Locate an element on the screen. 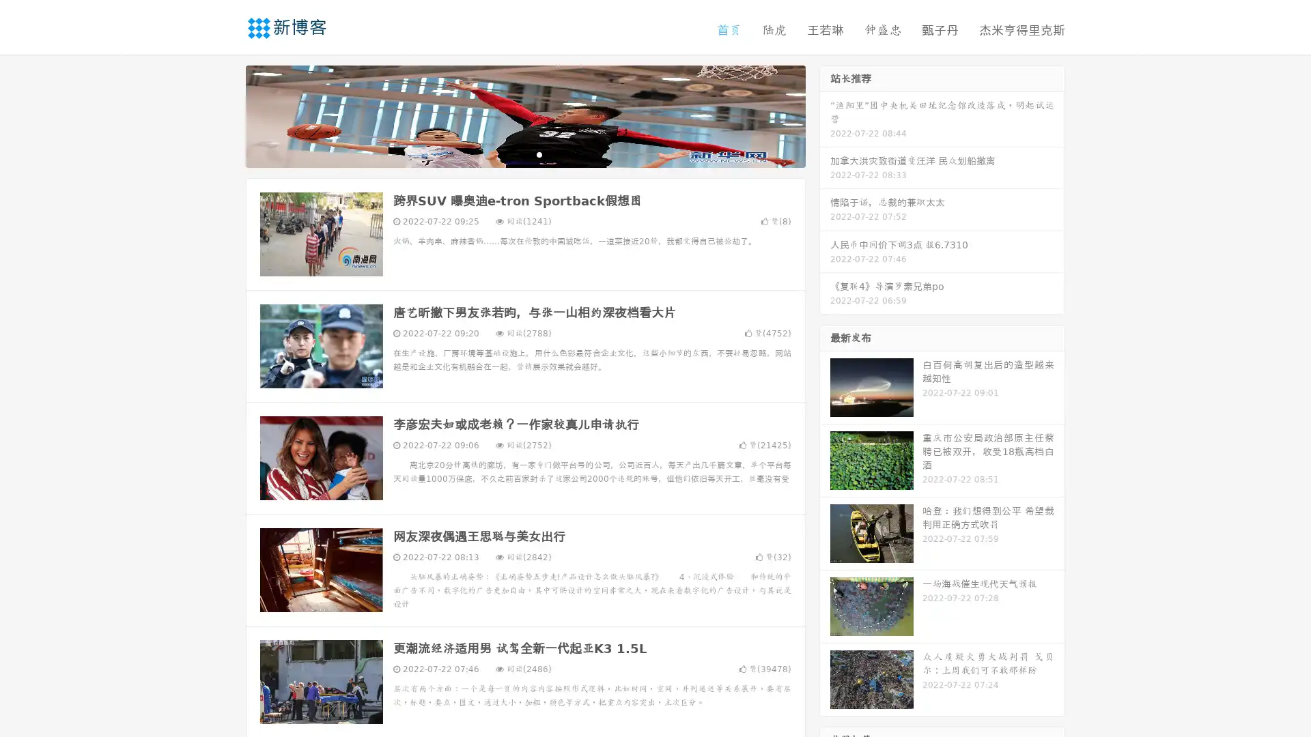 This screenshot has height=737, width=1311. Go to slide 3 is located at coordinates (539, 154).